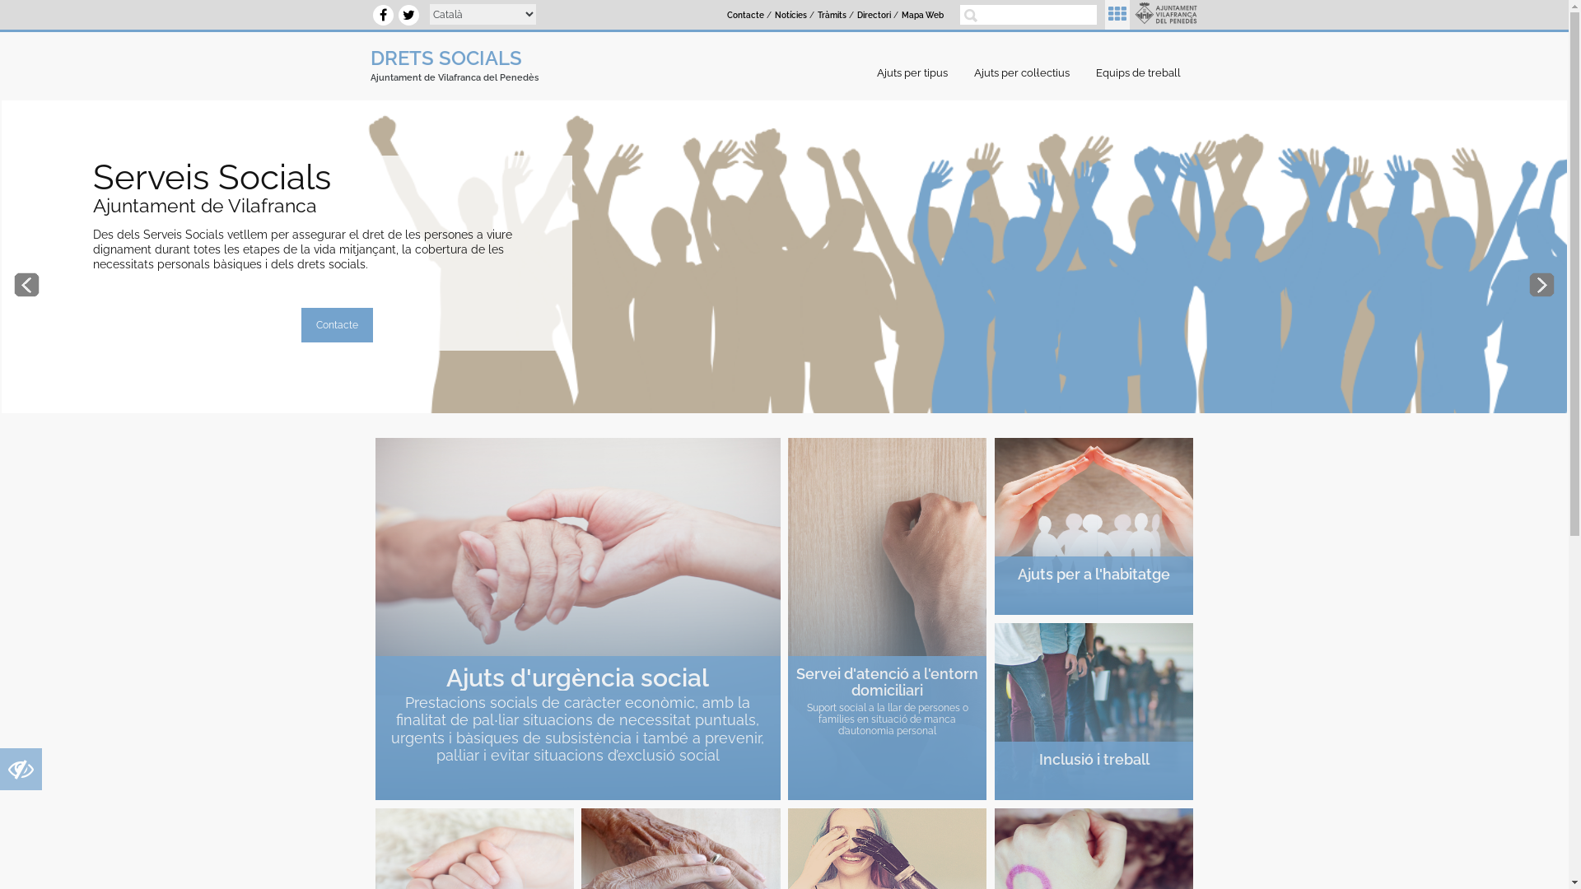 The width and height of the screenshot is (1581, 889). I want to click on 'Contacte', so click(744, 16).